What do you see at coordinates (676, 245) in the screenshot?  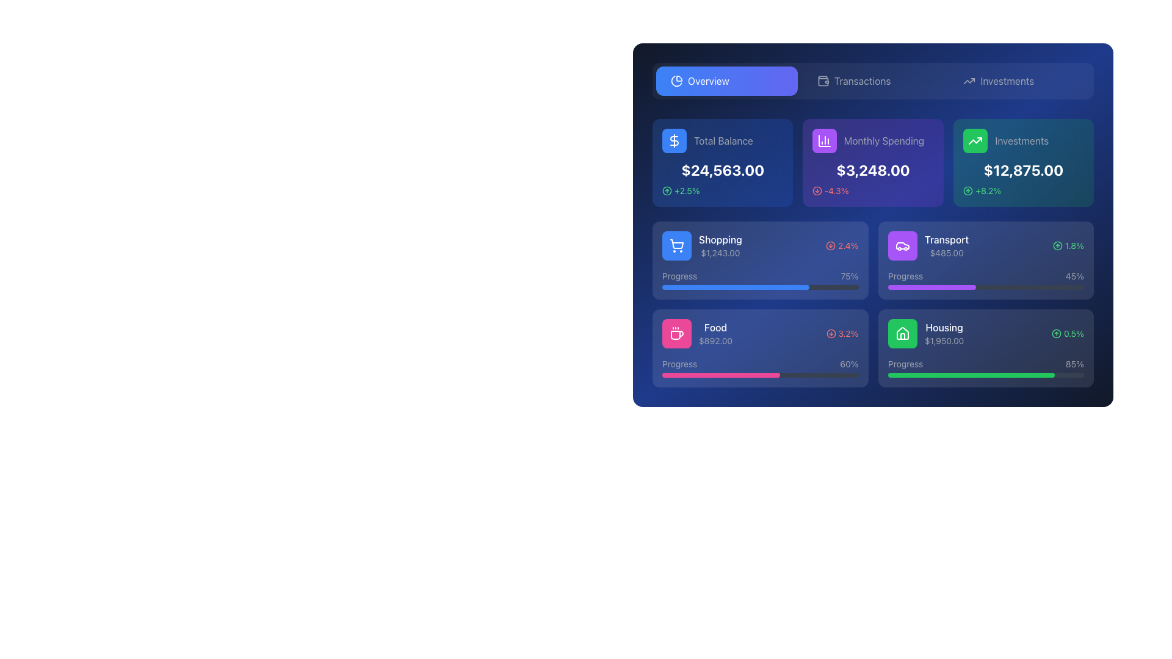 I see `the shopping cart icon, which is situated within a blue circular background and aligned to the left side of the 'Shopping $1,243.00' module` at bounding box center [676, 245].